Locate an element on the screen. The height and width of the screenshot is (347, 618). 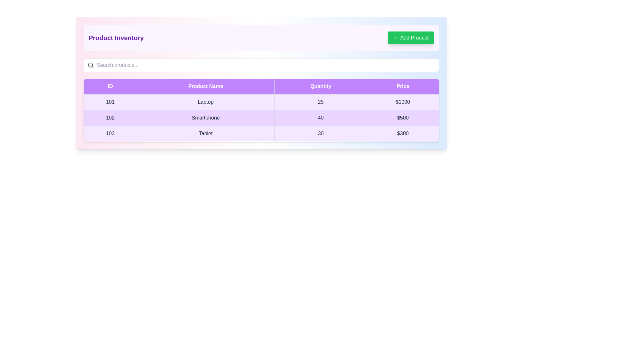
the Text cell representing the quantity of the product 'Laptop' in the inventory table, located in the second row under the 'Quantity' column is located at coordinates (321, 102).